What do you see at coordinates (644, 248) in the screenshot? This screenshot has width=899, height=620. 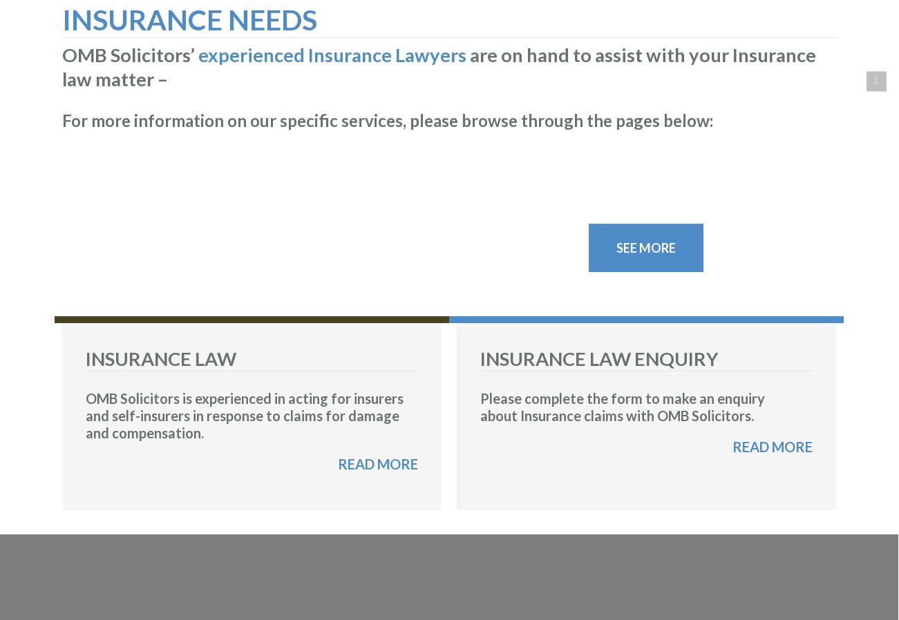 I see `'SEE MORE'` at bounding box center [644, 248].